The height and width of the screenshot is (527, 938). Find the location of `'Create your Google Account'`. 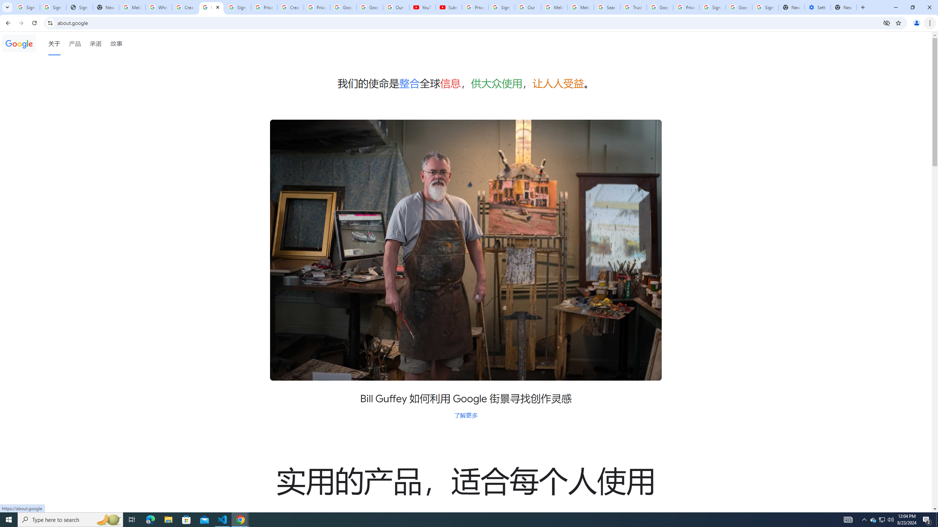

'Create your Google Account' is located at coordinates (290, 7).